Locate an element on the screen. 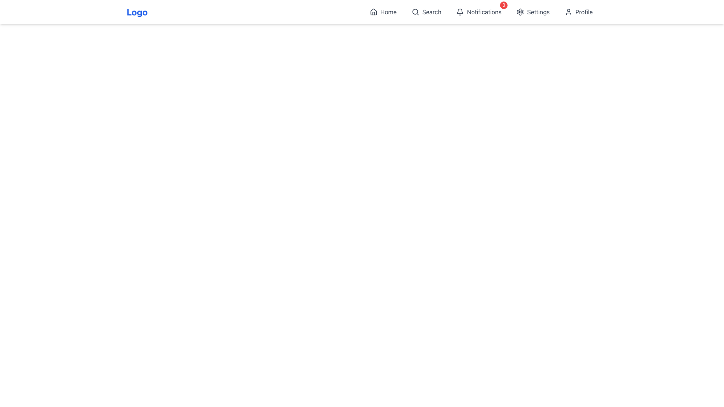  the search label in the navigation bar, which is positioned between the 'Home' and 'Notifications' options, to observe a color change is located at coordinates (432, 12).